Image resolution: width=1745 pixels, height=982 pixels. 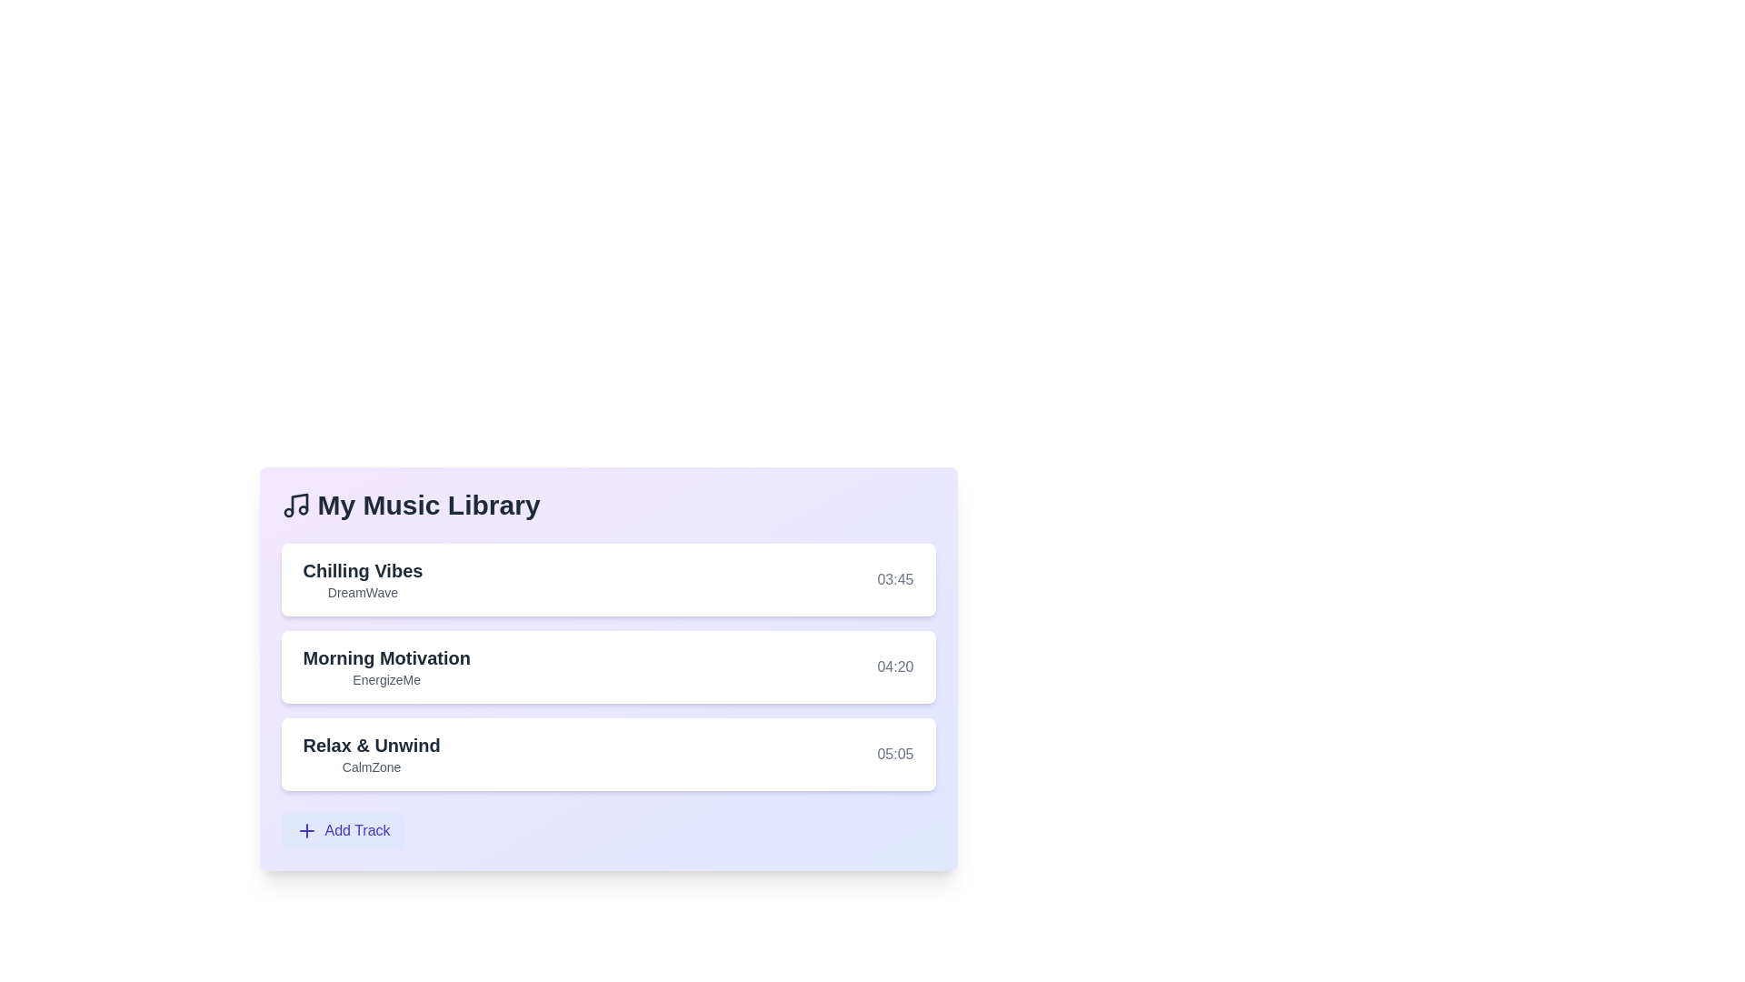 What do you see at coordinates (608, 666) in the screenshot?
I see `the track titled 'Morning Motivation' to observe the scaling effect` at bounding box center [608, 666].